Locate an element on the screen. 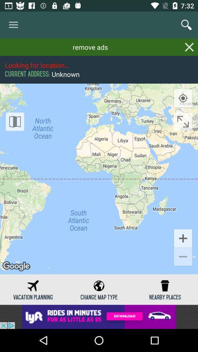  search is located at coordinates (186, 25).